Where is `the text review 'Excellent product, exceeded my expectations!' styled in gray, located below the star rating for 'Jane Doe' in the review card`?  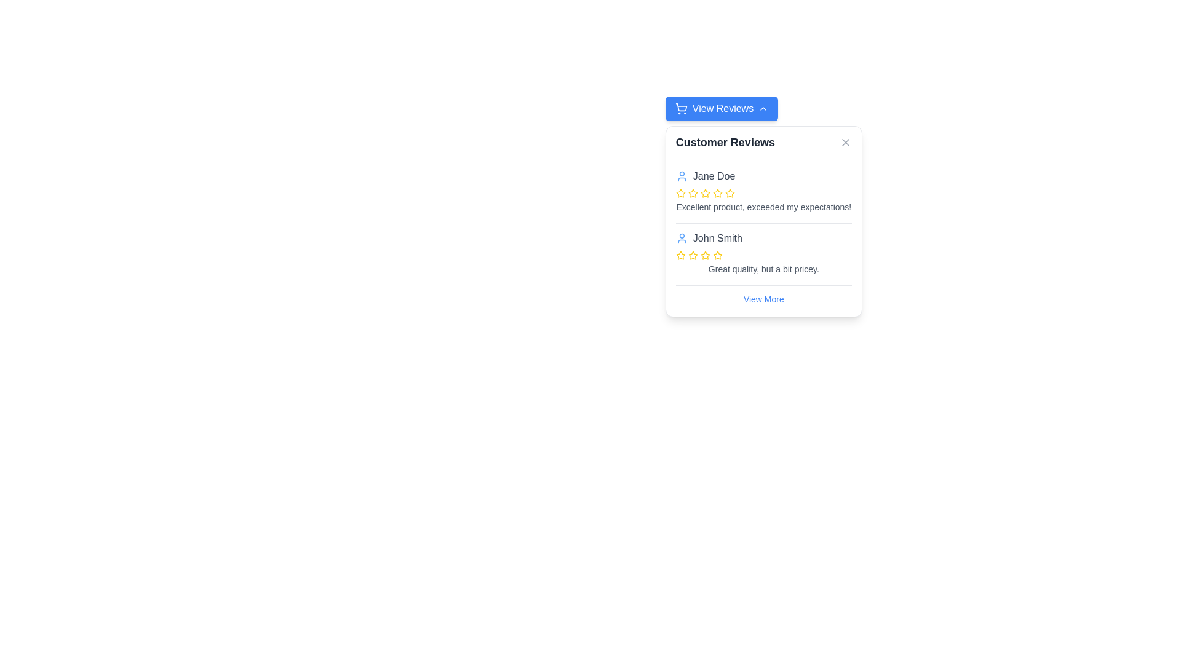
the text review 'Excellent product, exceeded my expectations!' styled in gray, located below the star rating for 'Jane Doe' in the review card is located at coordinates (763, 206).